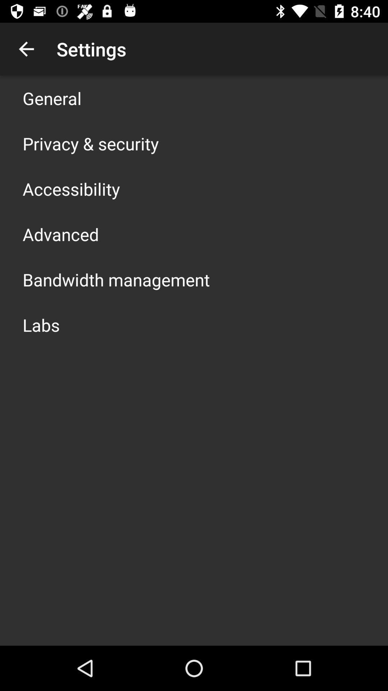 The image size is (388, 691). What do you see at coordinates (90, 143) in the screenshot?
I see `the privacy & security` at bounding box center [90, 143].